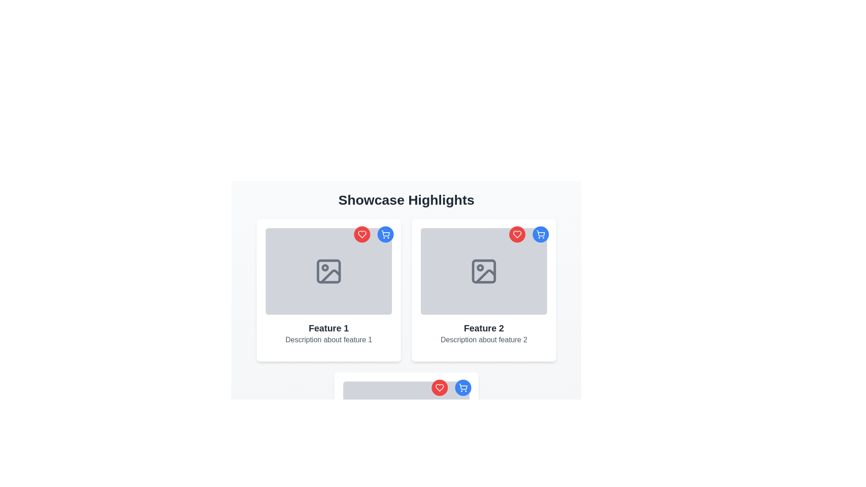 The width and height of the screenshot is (866, 487). I want to click on the static text providing a brief description of the feature located below the title text 'Feature 1' in the first feature card, so click(328, 340).